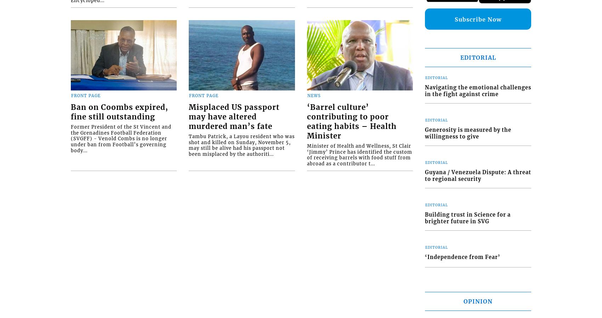 This screenshot has width=602, height=318. What do you see at coordinates (478, 19) in the screenshot?
I see `'Subscribe Now'` at bounding box center [478, 19].